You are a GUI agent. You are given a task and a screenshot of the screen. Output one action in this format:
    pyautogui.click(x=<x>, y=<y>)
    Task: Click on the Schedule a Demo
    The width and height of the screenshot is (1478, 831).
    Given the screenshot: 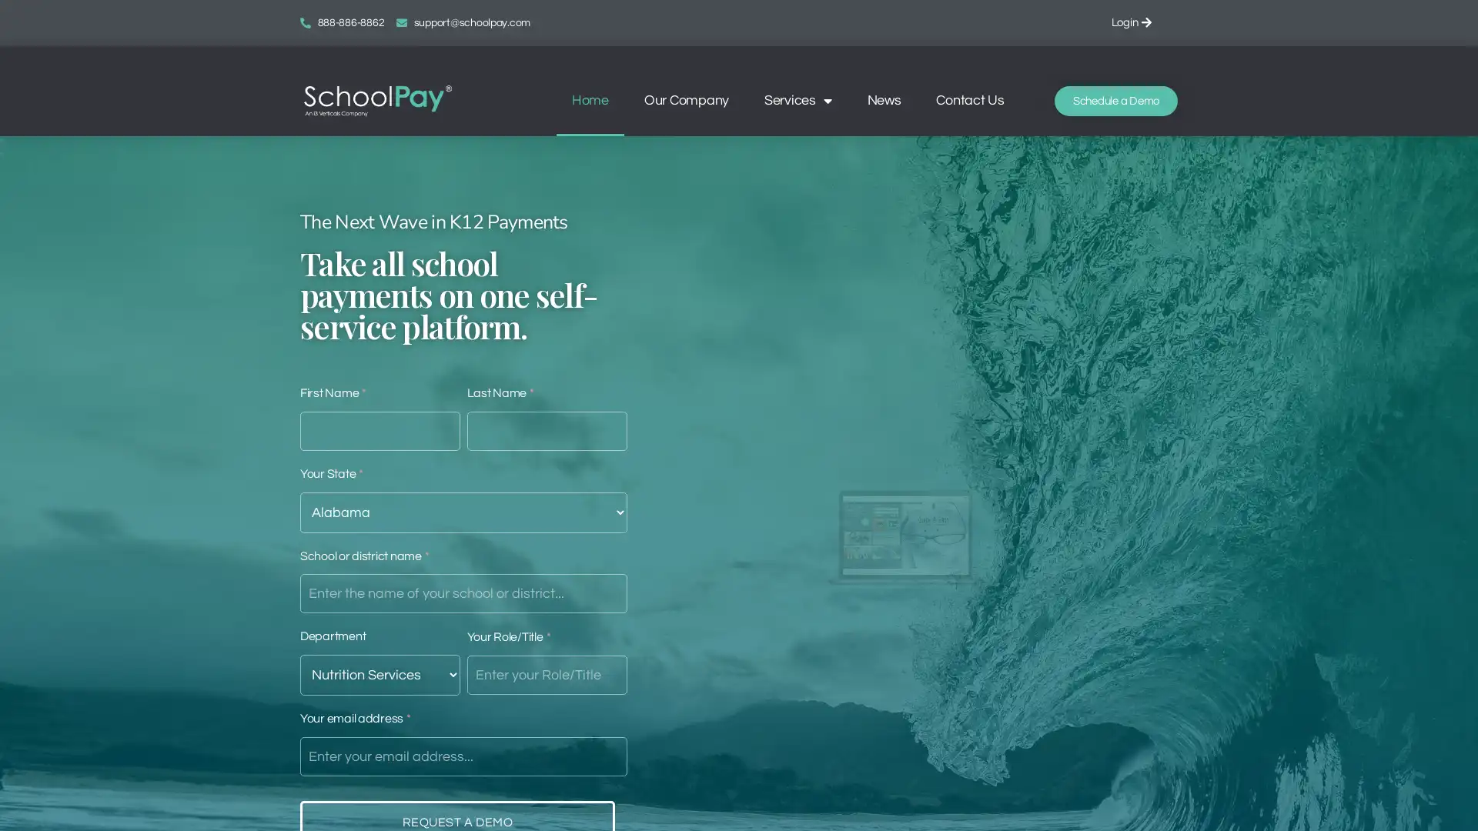 What is the action you would take?
    pyautogui.click(x=1115, y=100)
    